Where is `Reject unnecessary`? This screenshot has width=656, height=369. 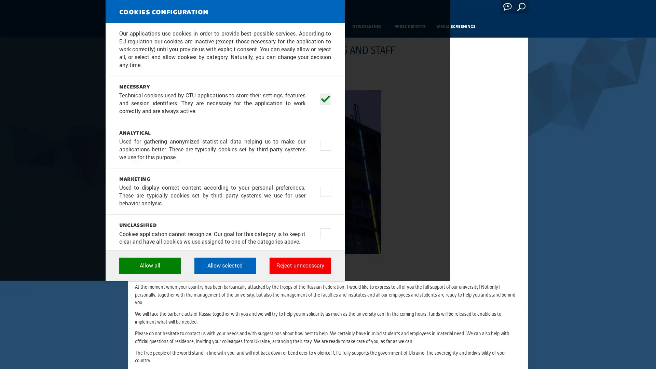
Reject unnecessary is located at coordinates (403, 337).